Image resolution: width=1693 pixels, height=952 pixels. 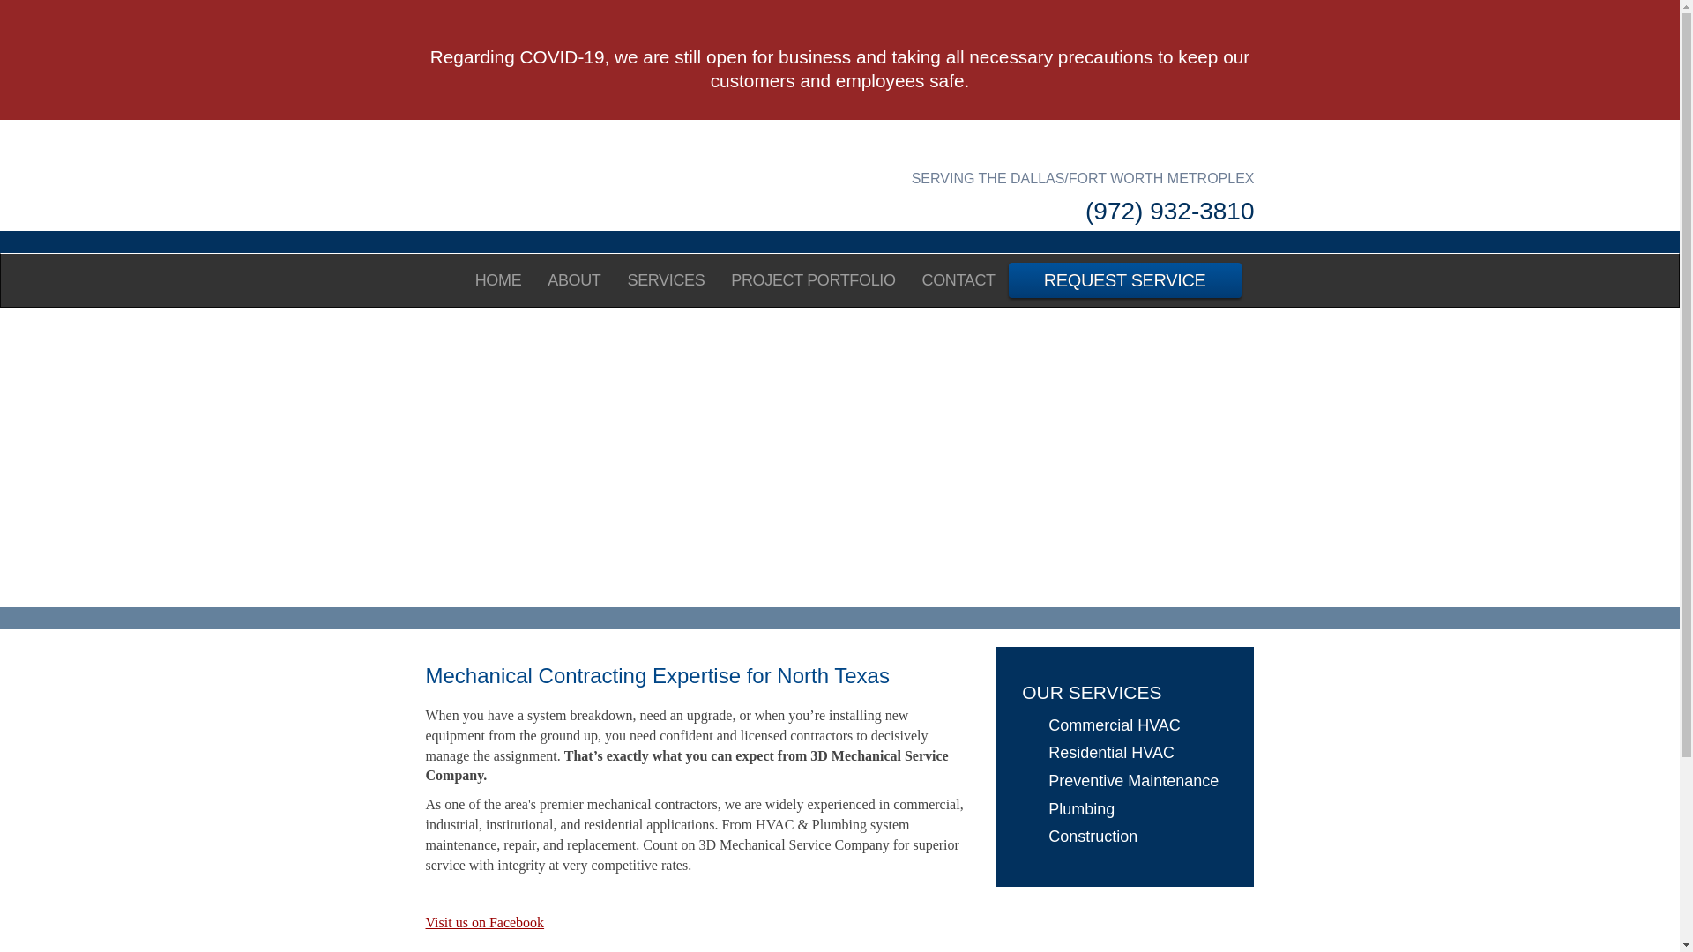 I want to click on 'ABOUT', so click(x=574, y=279).